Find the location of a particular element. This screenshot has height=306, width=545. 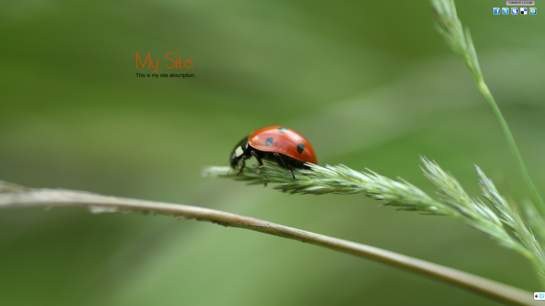

'StumbleUpon' is located at coordinates (533, 11).